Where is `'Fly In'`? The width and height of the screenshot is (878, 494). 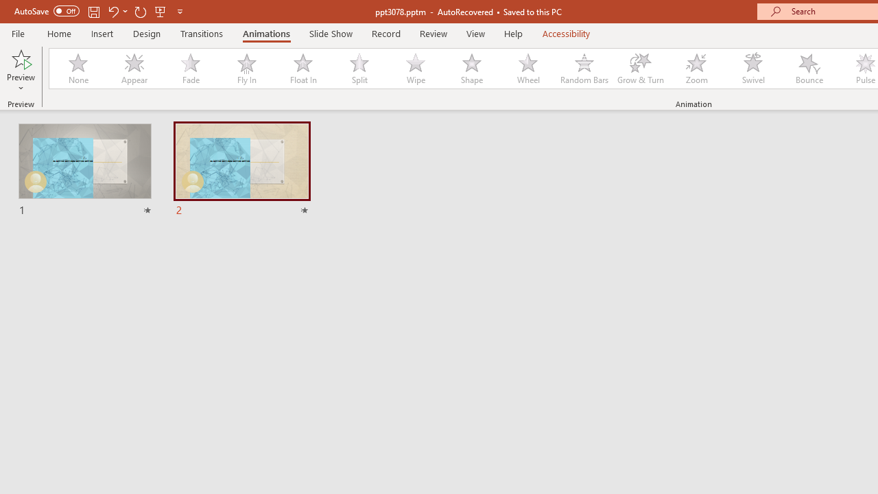 'Fly In' is located at coordinates (246, 69).